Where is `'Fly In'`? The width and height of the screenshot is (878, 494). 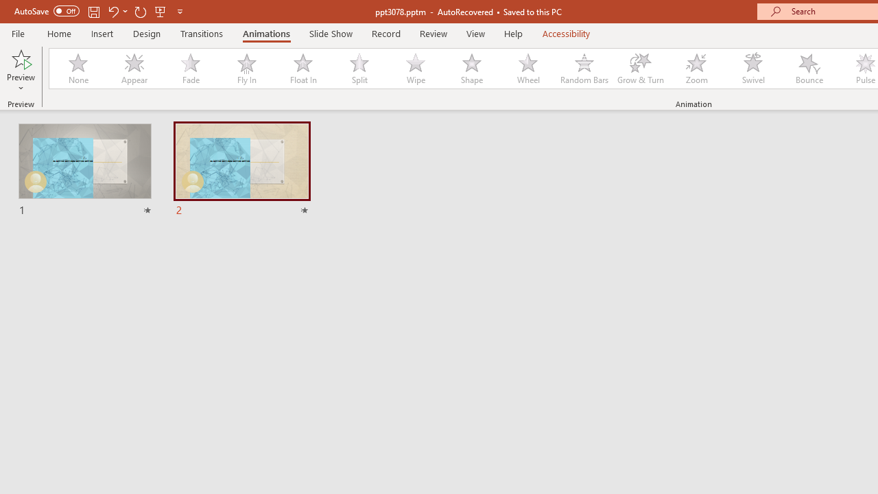 'Fly In' is located at coordinates (246, 69).